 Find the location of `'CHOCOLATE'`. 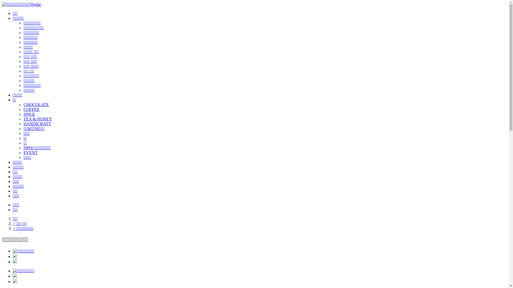

'CHOCOLATE' is located at coordinates (36, 105).